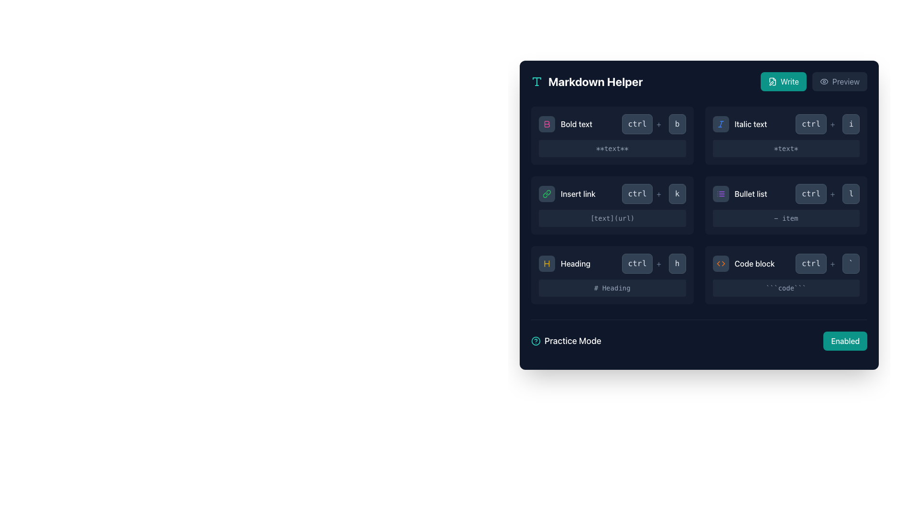 This screenshot has height=516, width=918. Describe the element at coordinates (739, 193) in the screenshot. I see `the button in the second row, third column of the 'Markdown Helper' UI to insert a bullet list into the text editor` at that location.